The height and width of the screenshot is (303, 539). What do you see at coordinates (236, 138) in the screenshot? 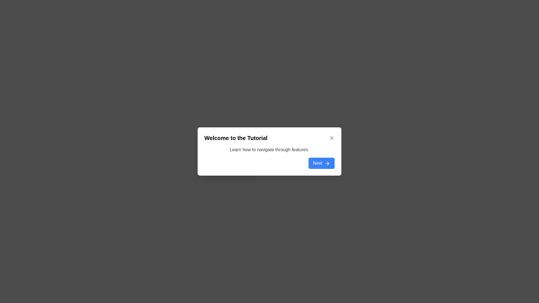
I see `the 'Welcome to the Tutorial' heading text element, which is styled in bold and slightly larger font size, located in the upper section of the white dialog box` at bounding box center [236, 138].